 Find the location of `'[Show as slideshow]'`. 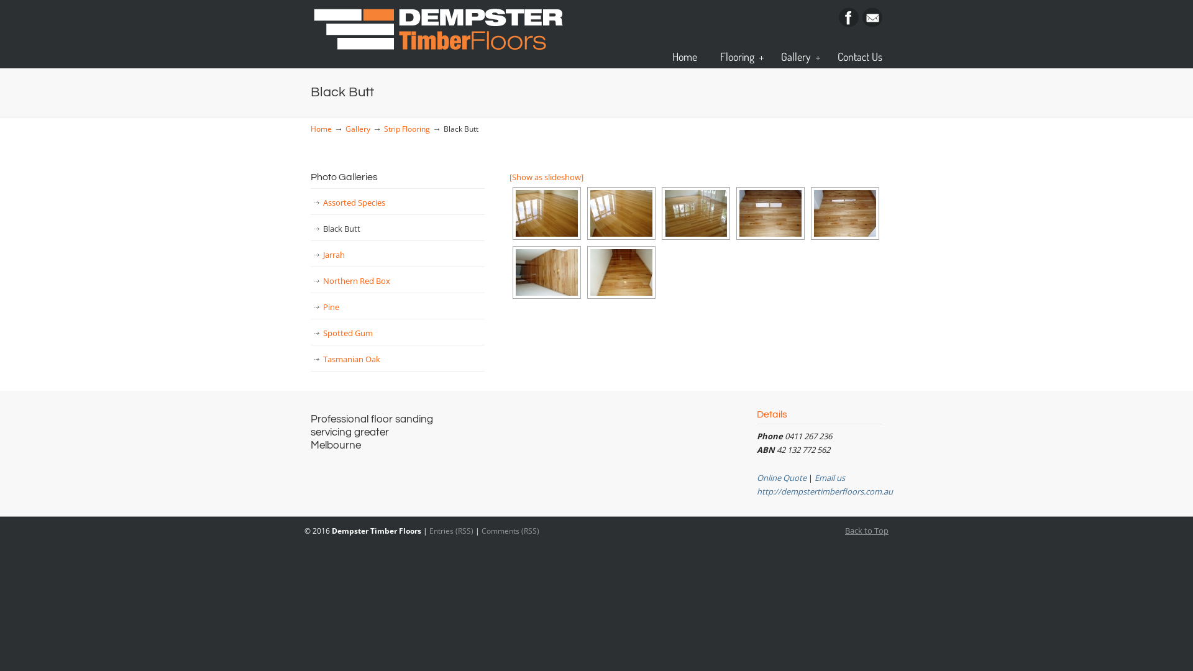

'[Show as slideshow]' is located at coordinates (510, 177).